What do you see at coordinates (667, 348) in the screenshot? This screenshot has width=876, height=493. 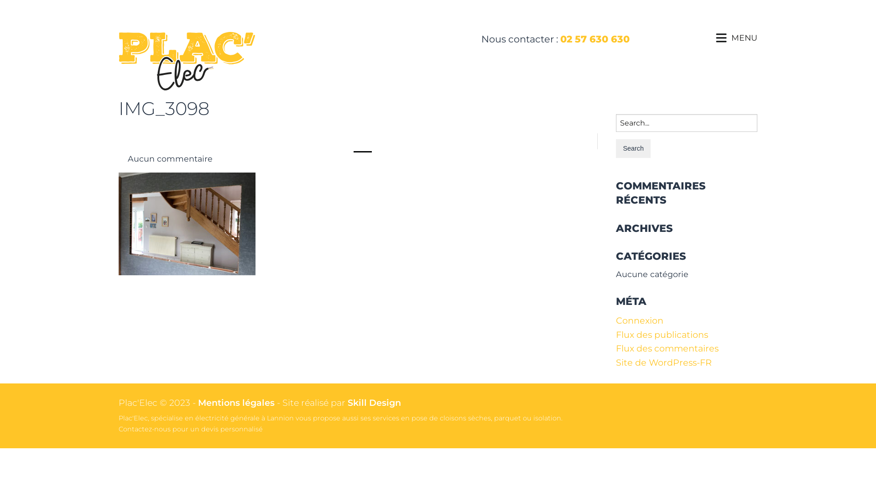 I see `'Flux des commentaires'` at bounding box center [667, 348].